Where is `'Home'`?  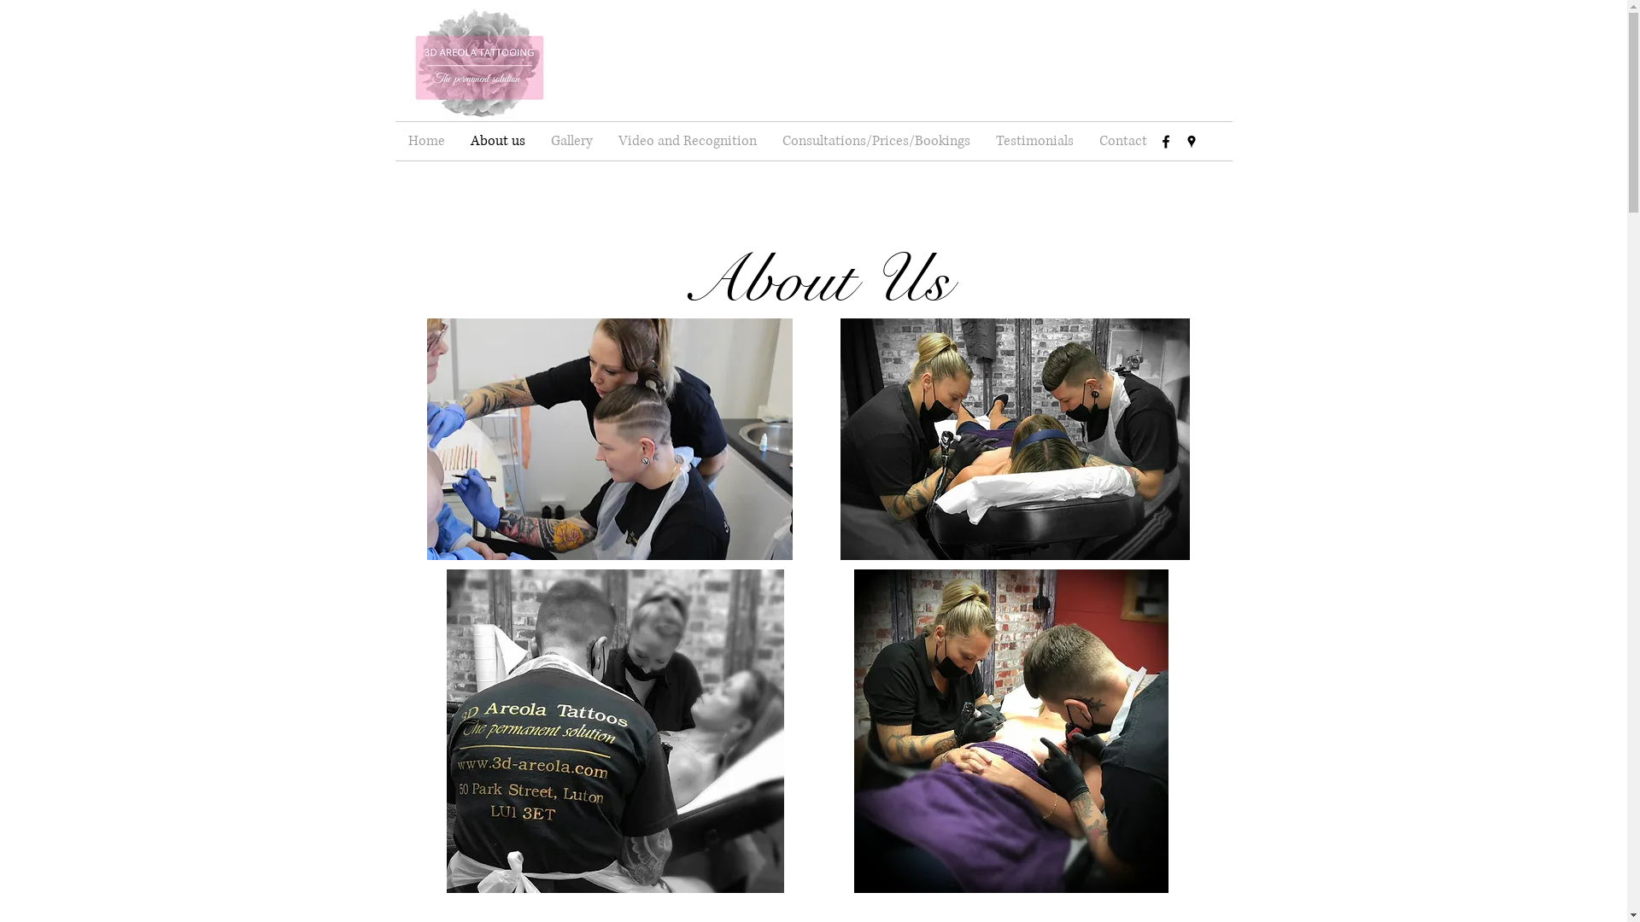
'Home' is located at coordinates (425, 140).